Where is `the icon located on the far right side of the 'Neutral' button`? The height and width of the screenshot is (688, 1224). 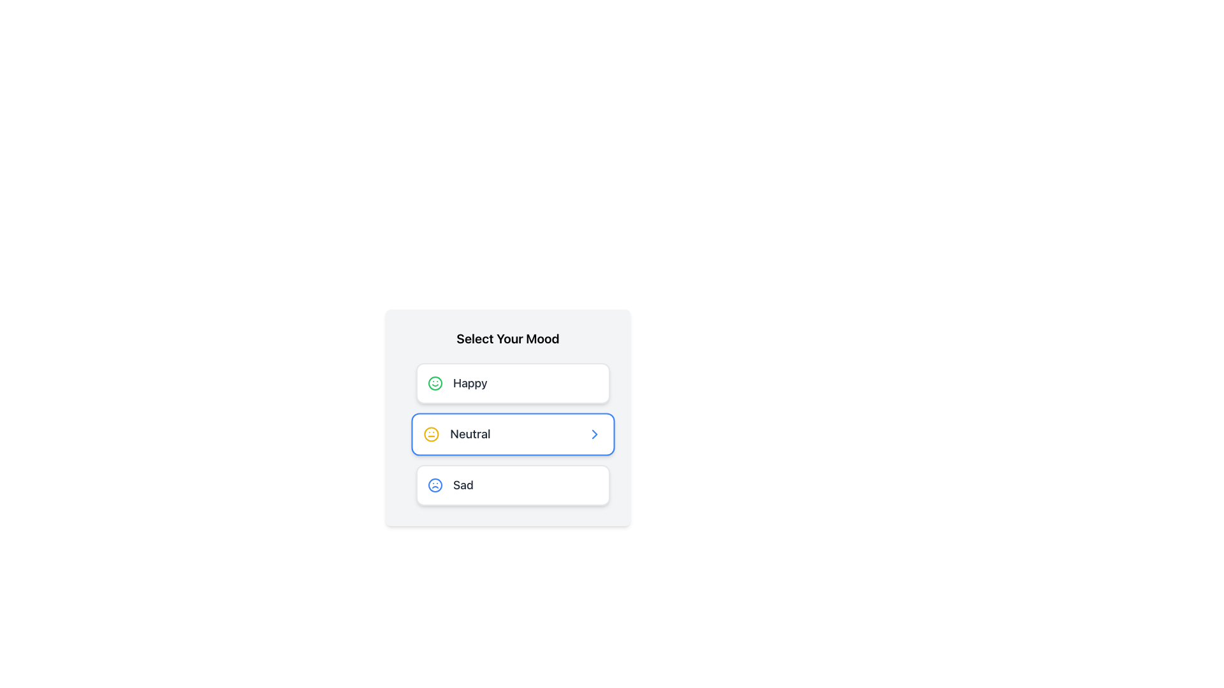 the icon located on the far right side of the 'Neutral' button is located at coordinates (594, 434).